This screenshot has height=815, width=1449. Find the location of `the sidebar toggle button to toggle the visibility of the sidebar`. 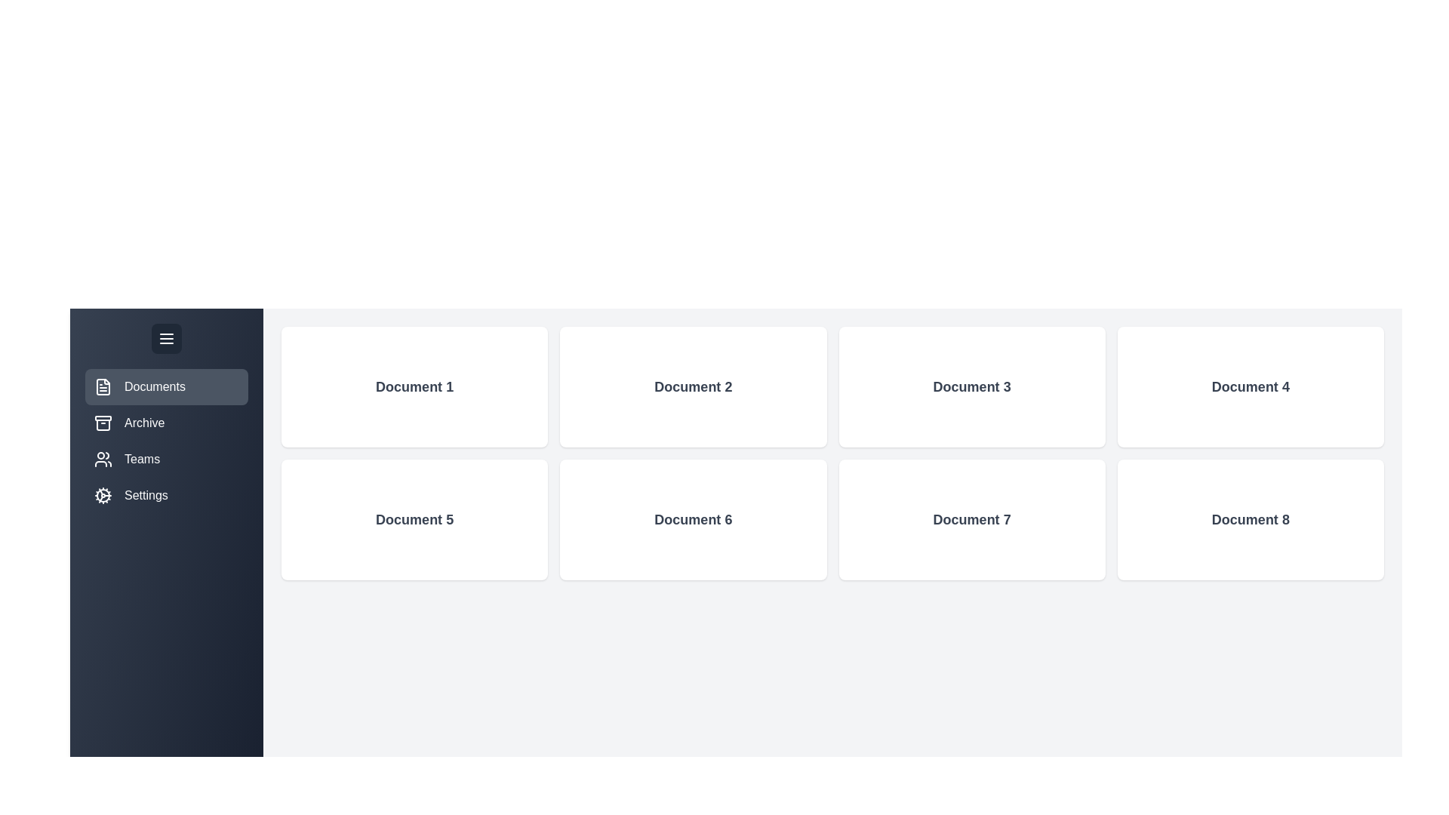

the sidebar toggle button to toggle the visibility of the sidebar is located at coordinates (166, 337).